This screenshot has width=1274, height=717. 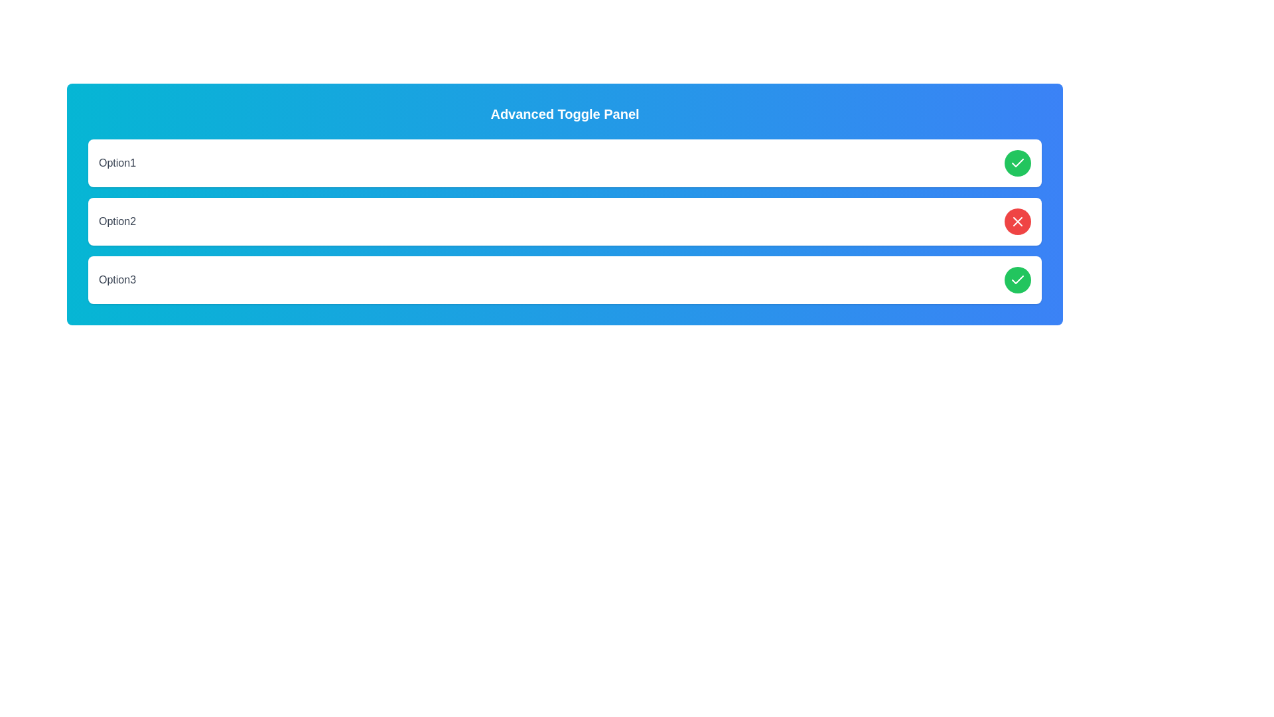 What do you see at coordinates (565, 114) in the screenshot?
I see `the title of the panel to highlight it` at bounding box center [565, 114].